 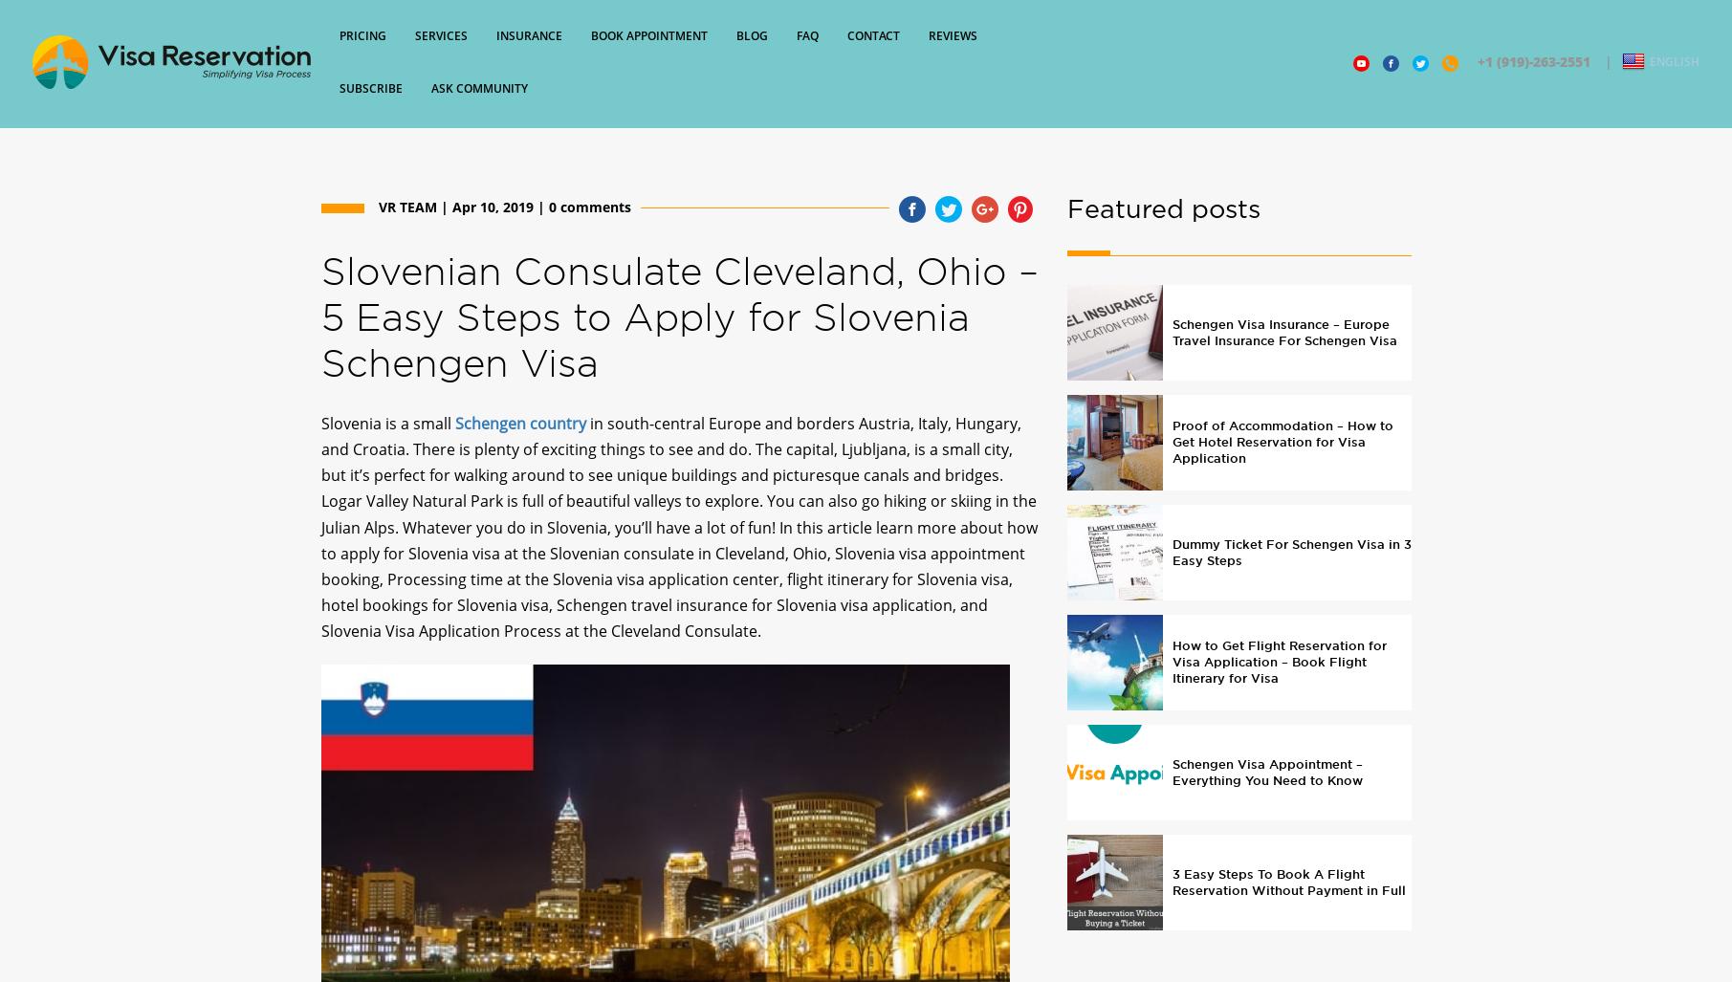 What do you see at coordinates (677, 542) in the screenshot?
I see `'in south-central Europe and borders Austria, Italy, Hungary, and Croatia. There is plenty of exciting things to see and do. The capital, Ljubljana, is a small city, but it’s perfect for walking around to see unique buildings and picturesque canals and bridges. Logar Valley Natural Park is full of beautiful valleys to explore. You can also go hiking or skiing in the Julian Alps. Whatever you do in Slovenia, you’ll have a lot of fun! In this article learn more about how to apply for Slovenia visa at the Slovenian consulate in Cleveland, Ohio, Slovenia visa appointment booking, Processing time at the Slovenia visa application center, flight itinerary for Slovenia visa, hotel bookings for Slovenia visa, Schengen travel insurance for Slovenia visa application, and Slovenia Visa Application Process at the Cleveland Consulate.'` at bounding box center [677, 542].